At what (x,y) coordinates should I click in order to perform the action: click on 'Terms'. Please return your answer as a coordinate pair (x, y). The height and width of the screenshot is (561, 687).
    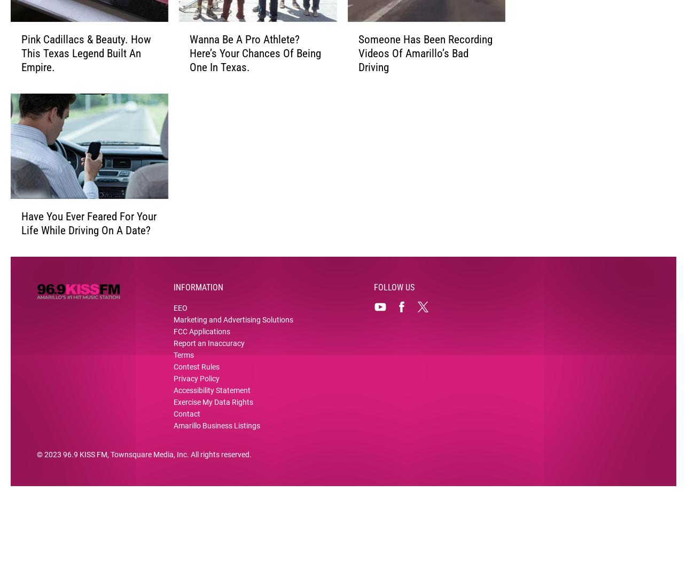
    Looking at the image, I should click on (173, 371).